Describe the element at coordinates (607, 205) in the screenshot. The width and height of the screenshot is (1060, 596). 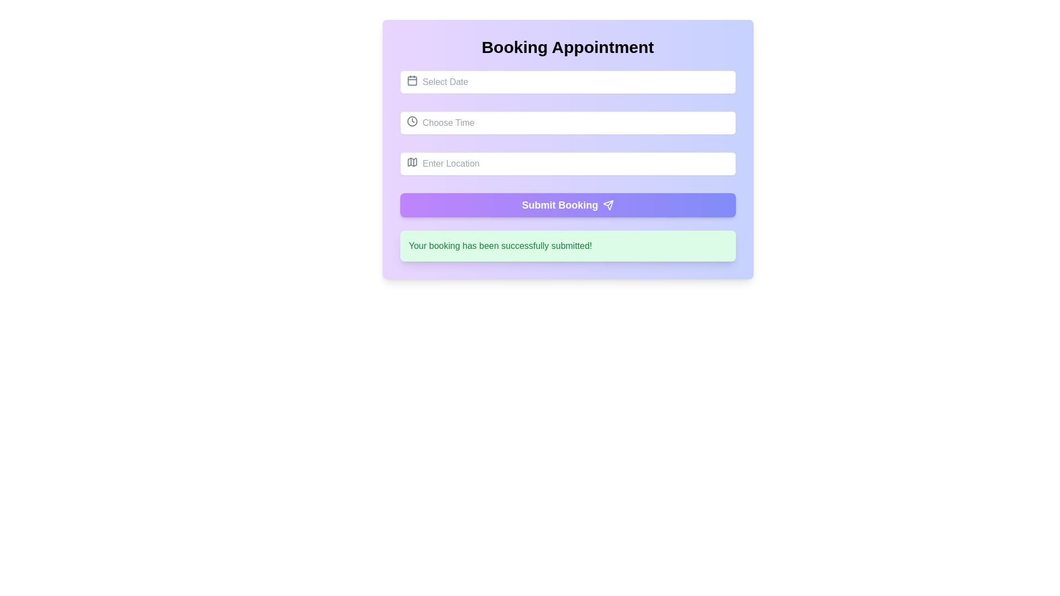
I see `the triangular arrow-like icon embedded within the 'Submit Booking' button, located to the right of the text 'Submit Booking'` at that location.